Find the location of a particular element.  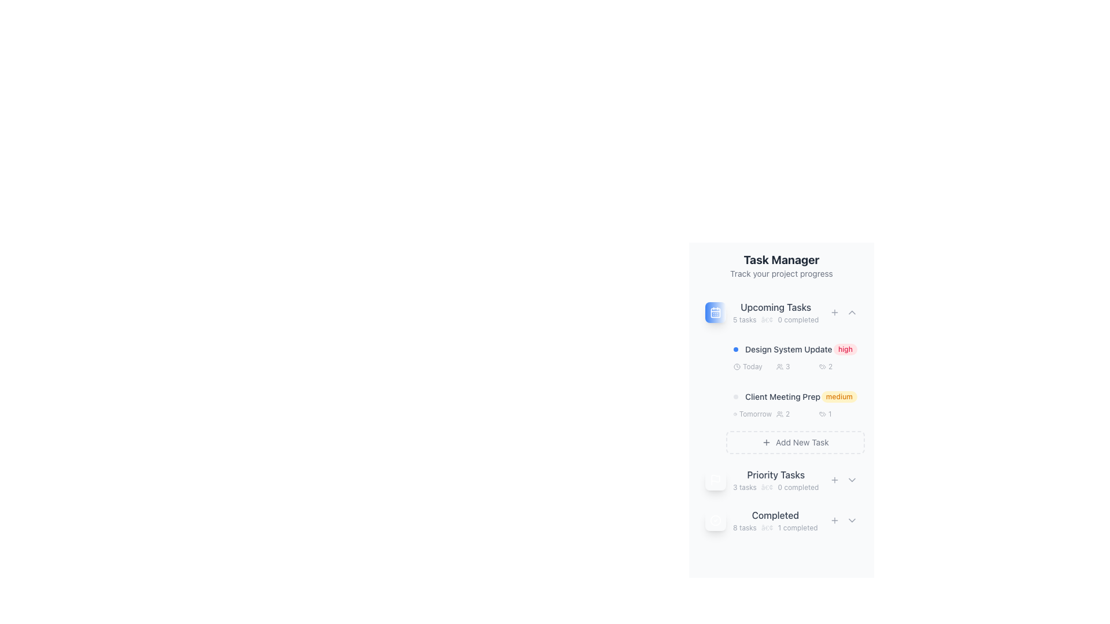

the SVG graphic that represents a completed status or confirmation in the 'Completed' section of the task manager, located near the bottom of the task list is located at coordinates (715, 521).